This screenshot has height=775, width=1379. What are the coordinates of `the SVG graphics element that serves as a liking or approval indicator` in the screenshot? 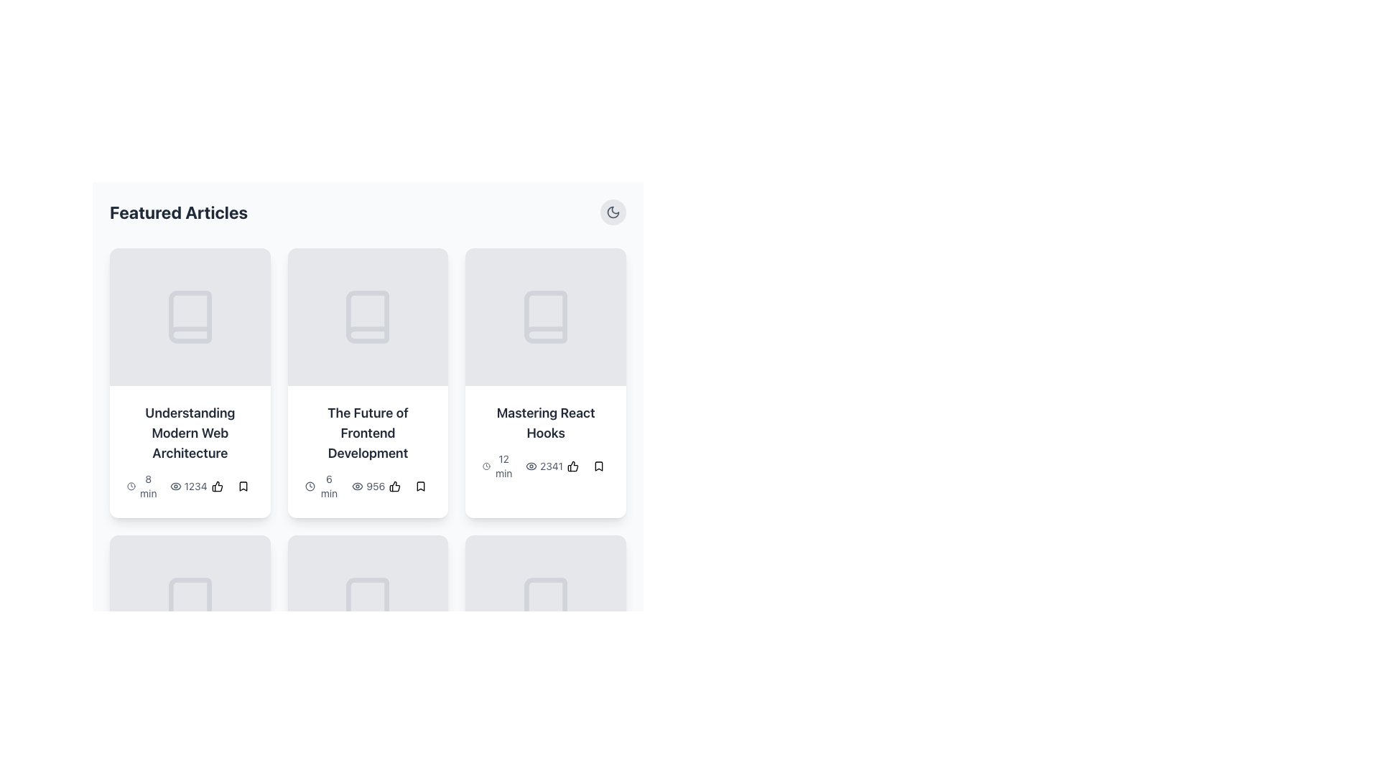 It's located at (395, 752).